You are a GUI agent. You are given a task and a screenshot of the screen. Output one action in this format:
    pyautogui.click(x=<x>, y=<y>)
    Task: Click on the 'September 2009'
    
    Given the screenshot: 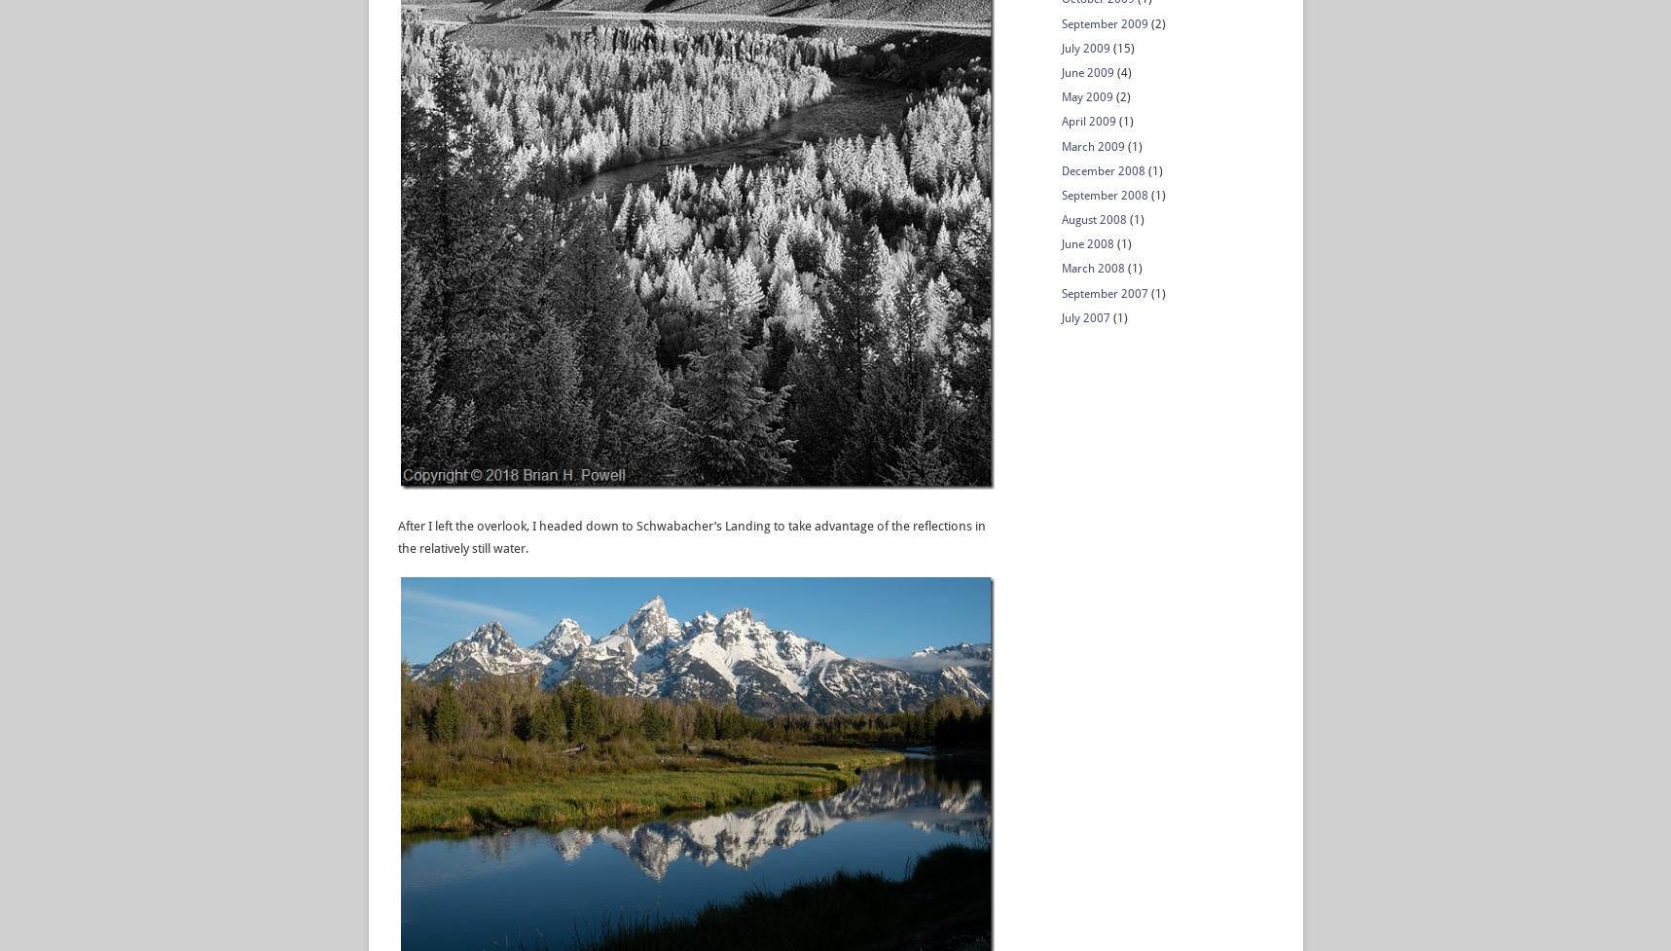 What is the action you would take?
    pyautogui.click(x=1104, y=23)
    